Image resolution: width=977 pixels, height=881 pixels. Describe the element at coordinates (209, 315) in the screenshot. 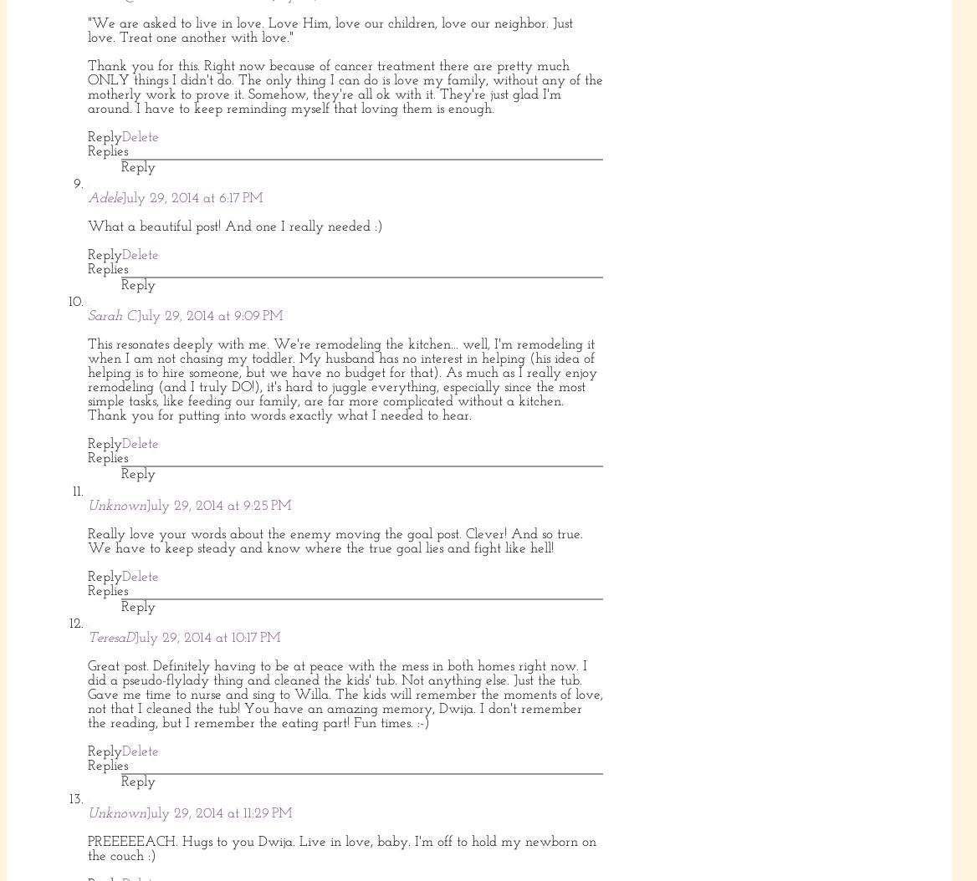

I see `'July 29, 2014 at 9:09 PM'` at that location.